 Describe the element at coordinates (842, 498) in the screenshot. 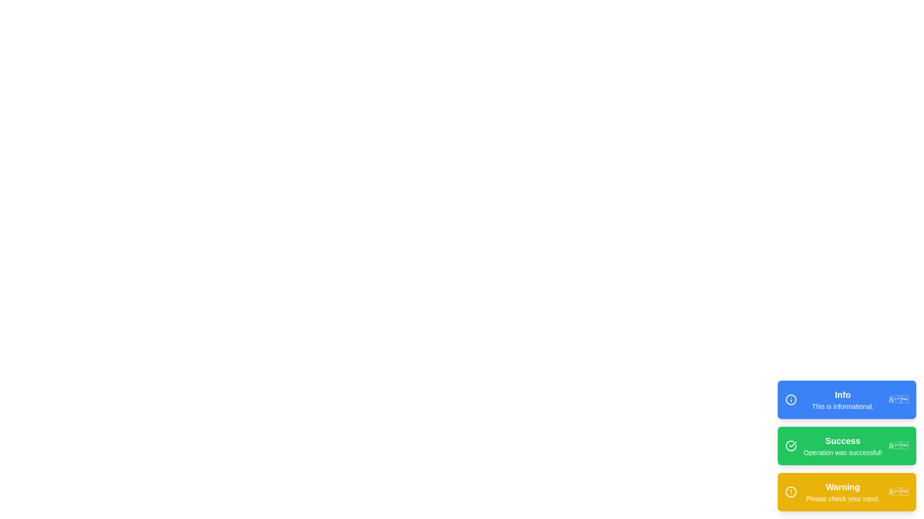

I see `styling of the warning message text located beneath the 'Warning' title in the 'Warning' card at the bottom of the three-card stack` at that location.